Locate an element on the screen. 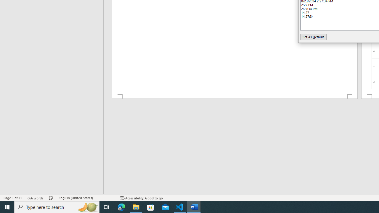 The width and height of the screenshot is (379, 213). 'Accessibility Checker Accessibility: Good to go' is located at coordinates (141, 198).